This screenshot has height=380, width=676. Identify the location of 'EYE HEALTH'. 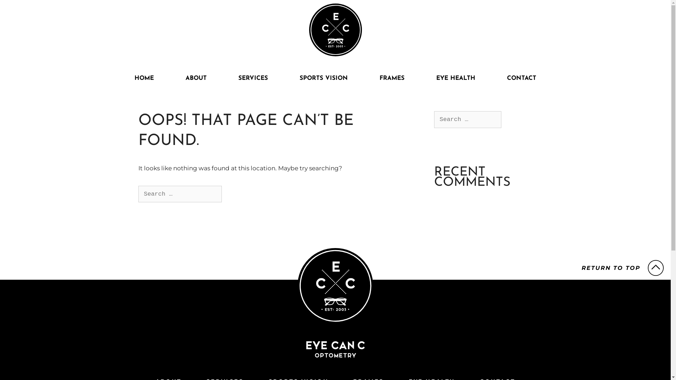
(456, 78).